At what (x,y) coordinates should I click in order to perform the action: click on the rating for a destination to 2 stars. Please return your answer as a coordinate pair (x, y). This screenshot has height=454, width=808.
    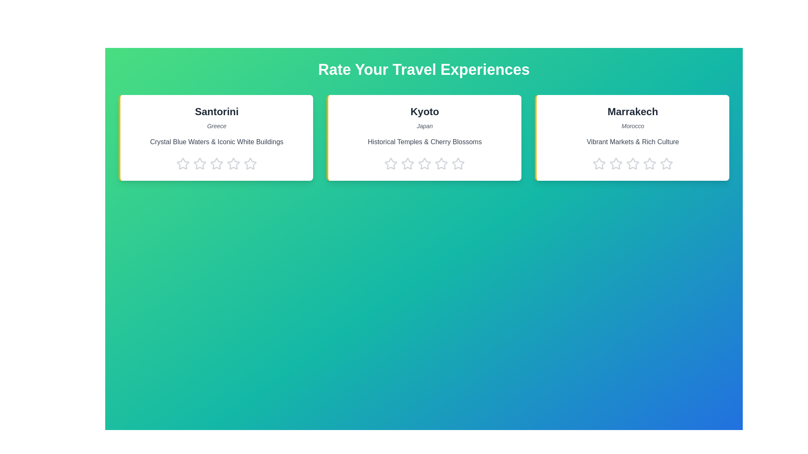
    Looking at the image, I should click on (199, 164).